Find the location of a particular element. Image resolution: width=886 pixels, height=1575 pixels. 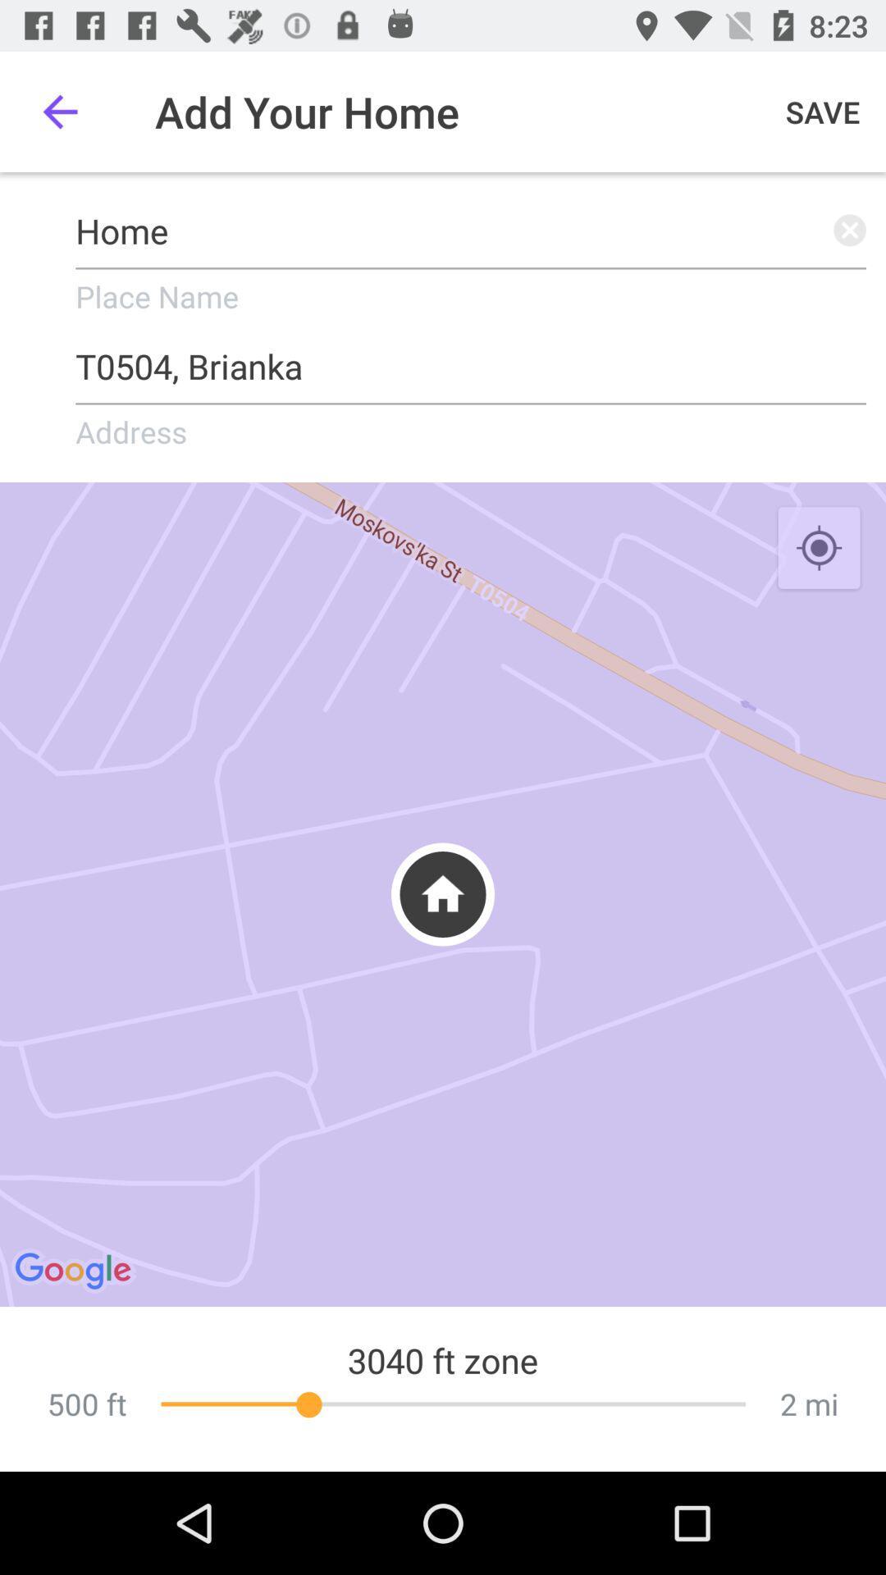

the icon on the right is located at coordinates (819, 549).